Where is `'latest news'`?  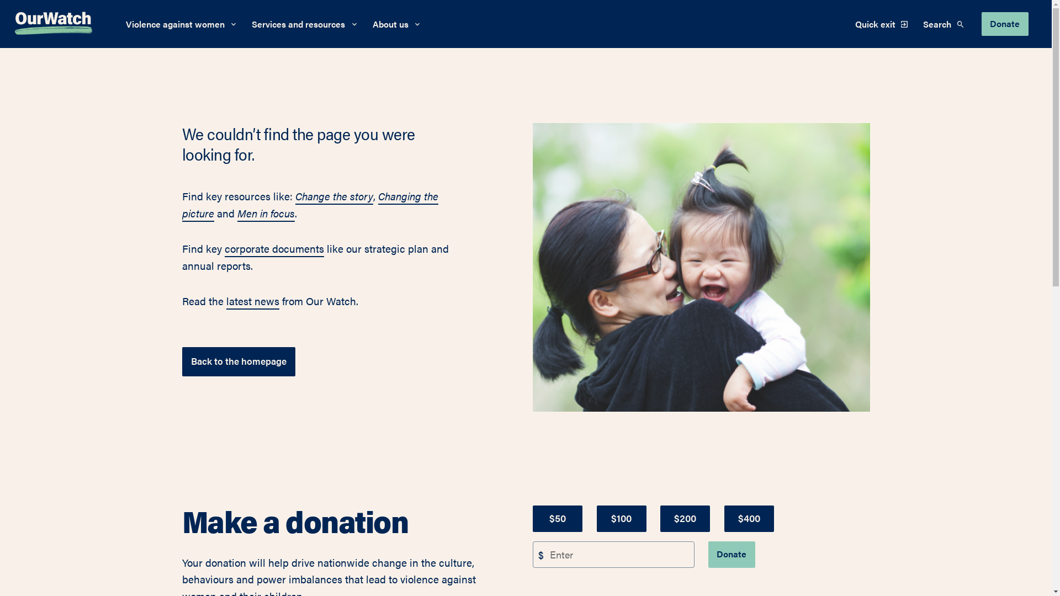
'latest news' is located at coordinates (252, 301).